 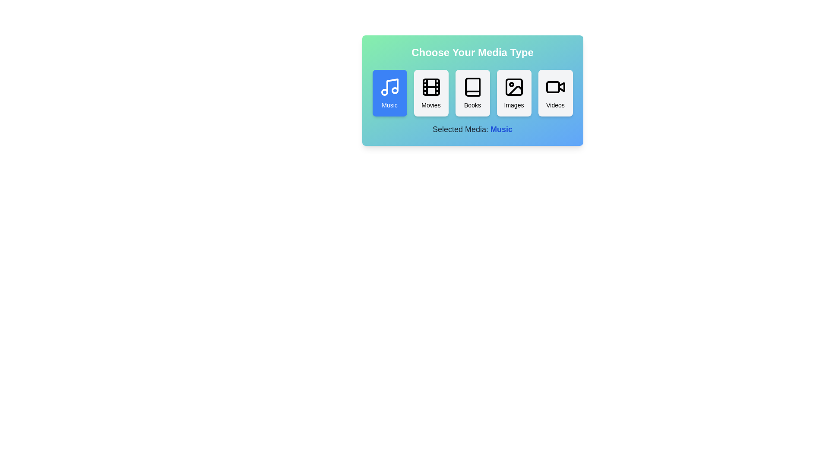 I want to click on the Books button to observe hover effects, so click(x=472, y=93).